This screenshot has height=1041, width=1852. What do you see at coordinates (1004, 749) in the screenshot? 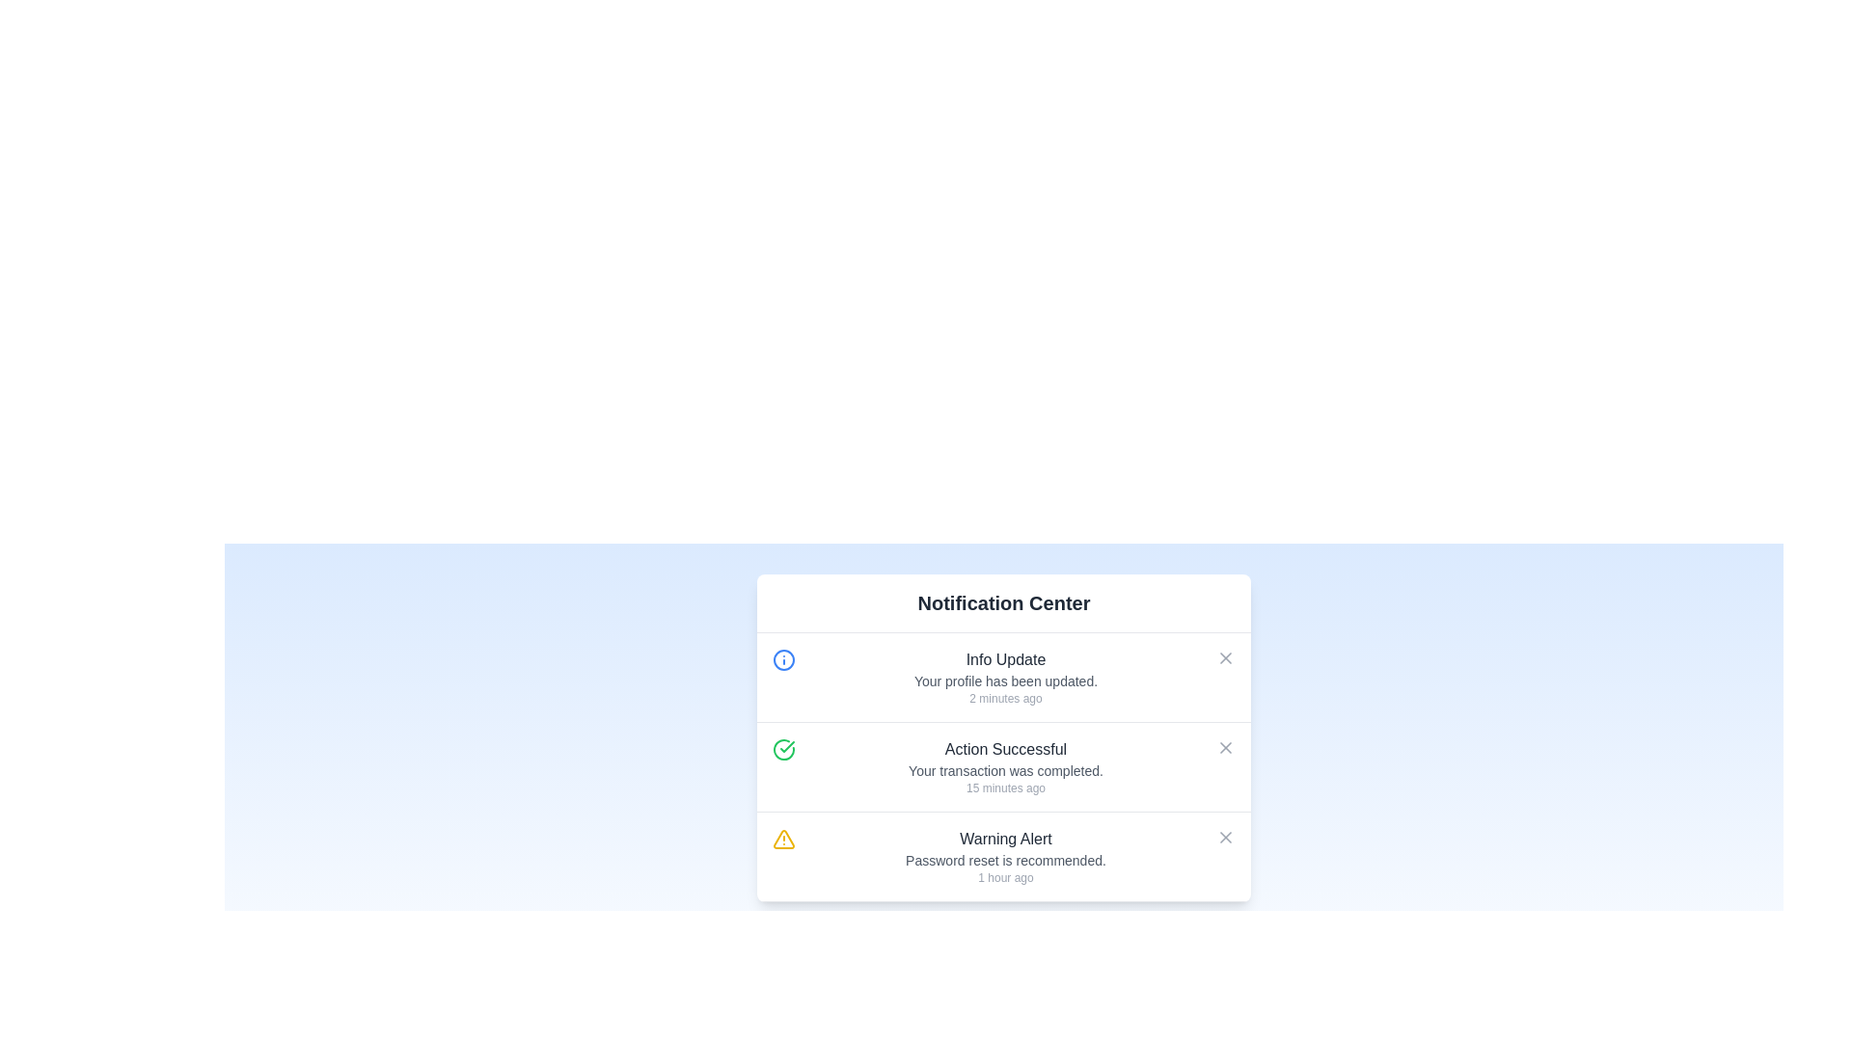
I see `the text label displaying 'Action Successful.' which is part of a notification item in the notification center modal` at bounding box center [1004, 749].